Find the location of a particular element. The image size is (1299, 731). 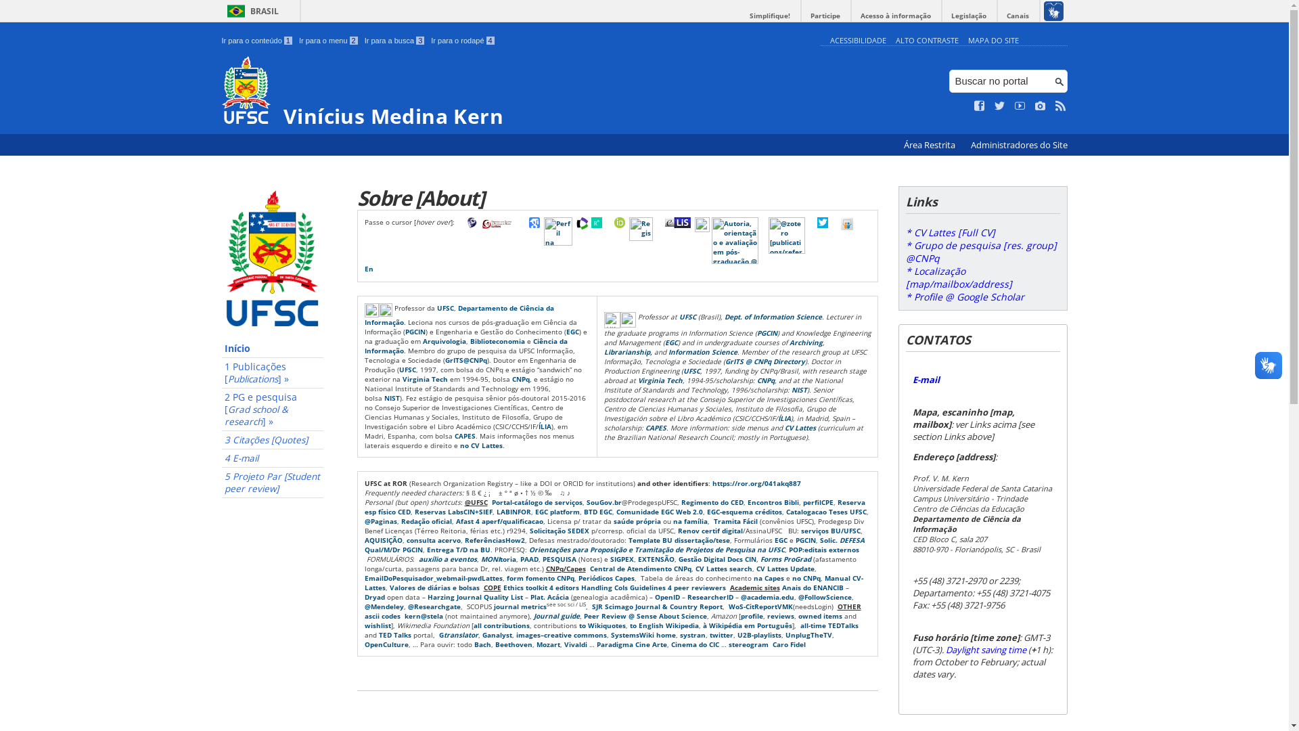

'Canais' is located at coordinates (1018, 16).